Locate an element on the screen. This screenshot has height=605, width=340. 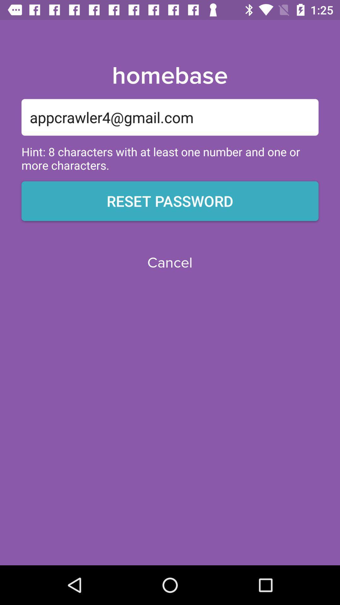
item below hint 8 characters is located at coordinates (170, 201).